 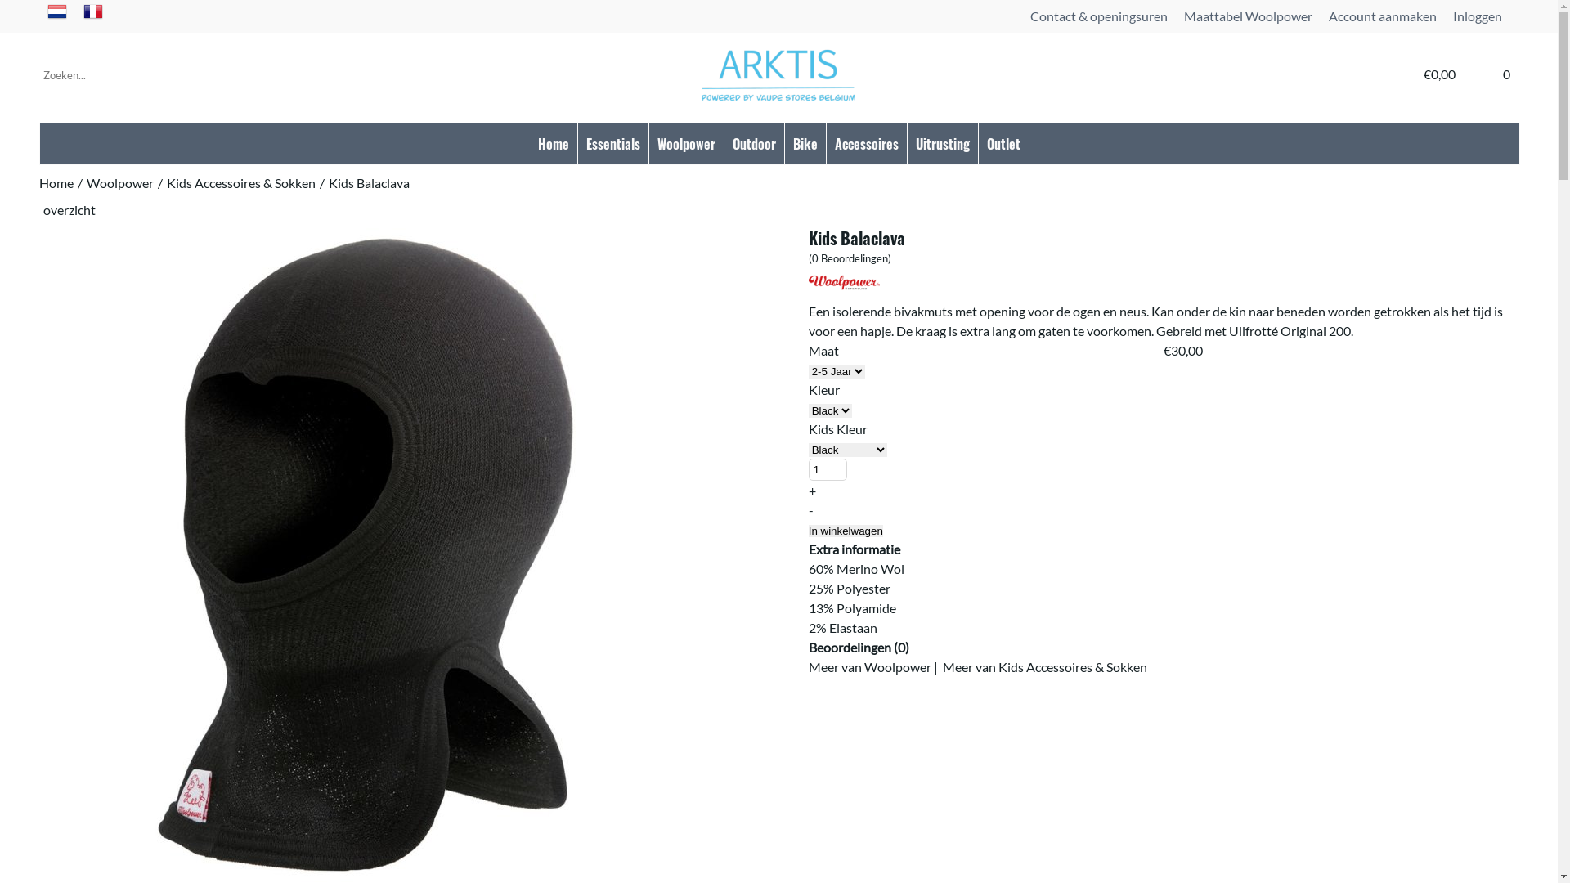 What do you see at coordinates (1477, 16) in the screenshot?
I see `'Inloggen'` at bounding box center [1477, 16].